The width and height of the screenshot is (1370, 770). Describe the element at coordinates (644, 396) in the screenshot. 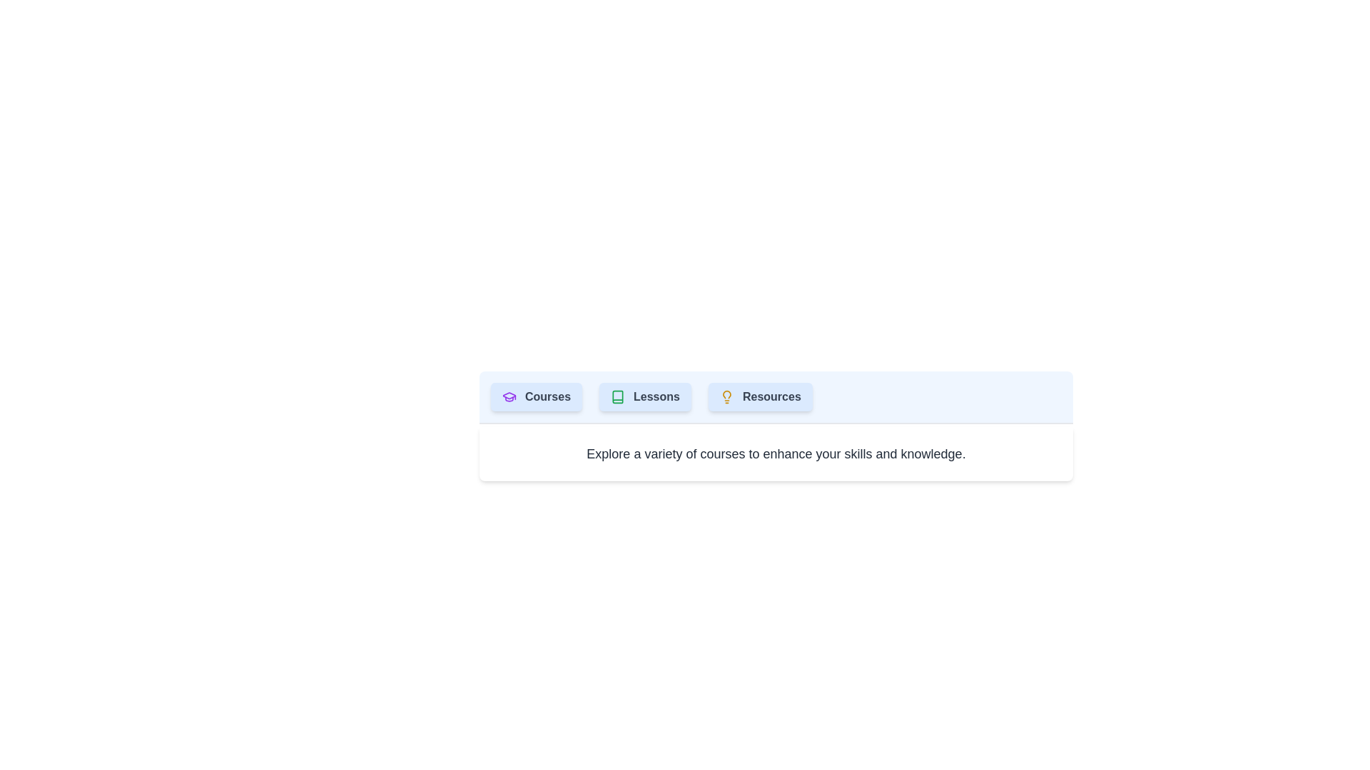

I see `the tab labeled Lessons to view its content` at that location.